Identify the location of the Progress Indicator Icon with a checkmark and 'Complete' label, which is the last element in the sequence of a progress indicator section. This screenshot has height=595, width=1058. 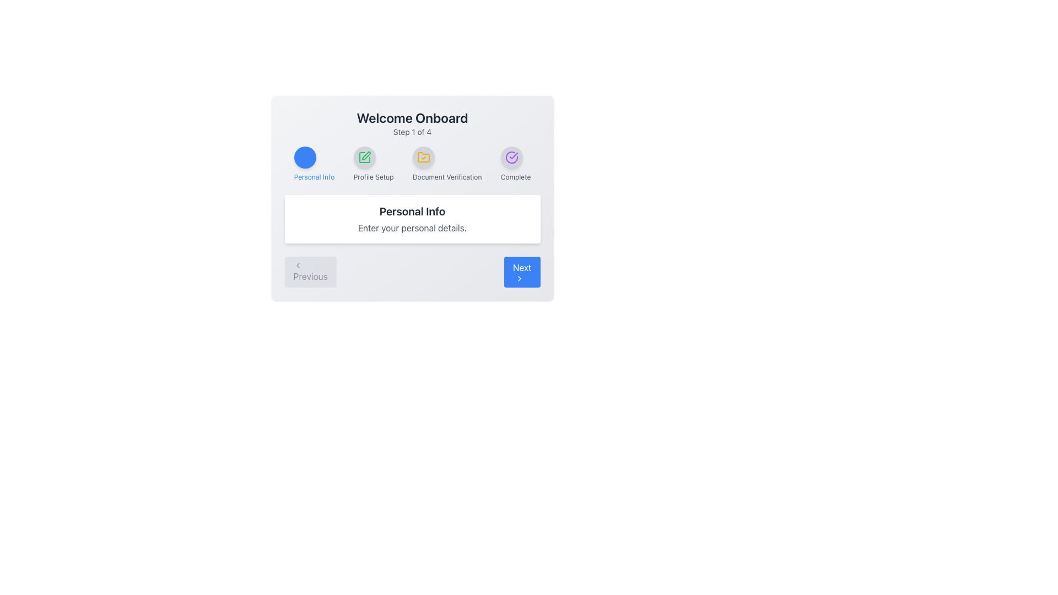
(515, 164).